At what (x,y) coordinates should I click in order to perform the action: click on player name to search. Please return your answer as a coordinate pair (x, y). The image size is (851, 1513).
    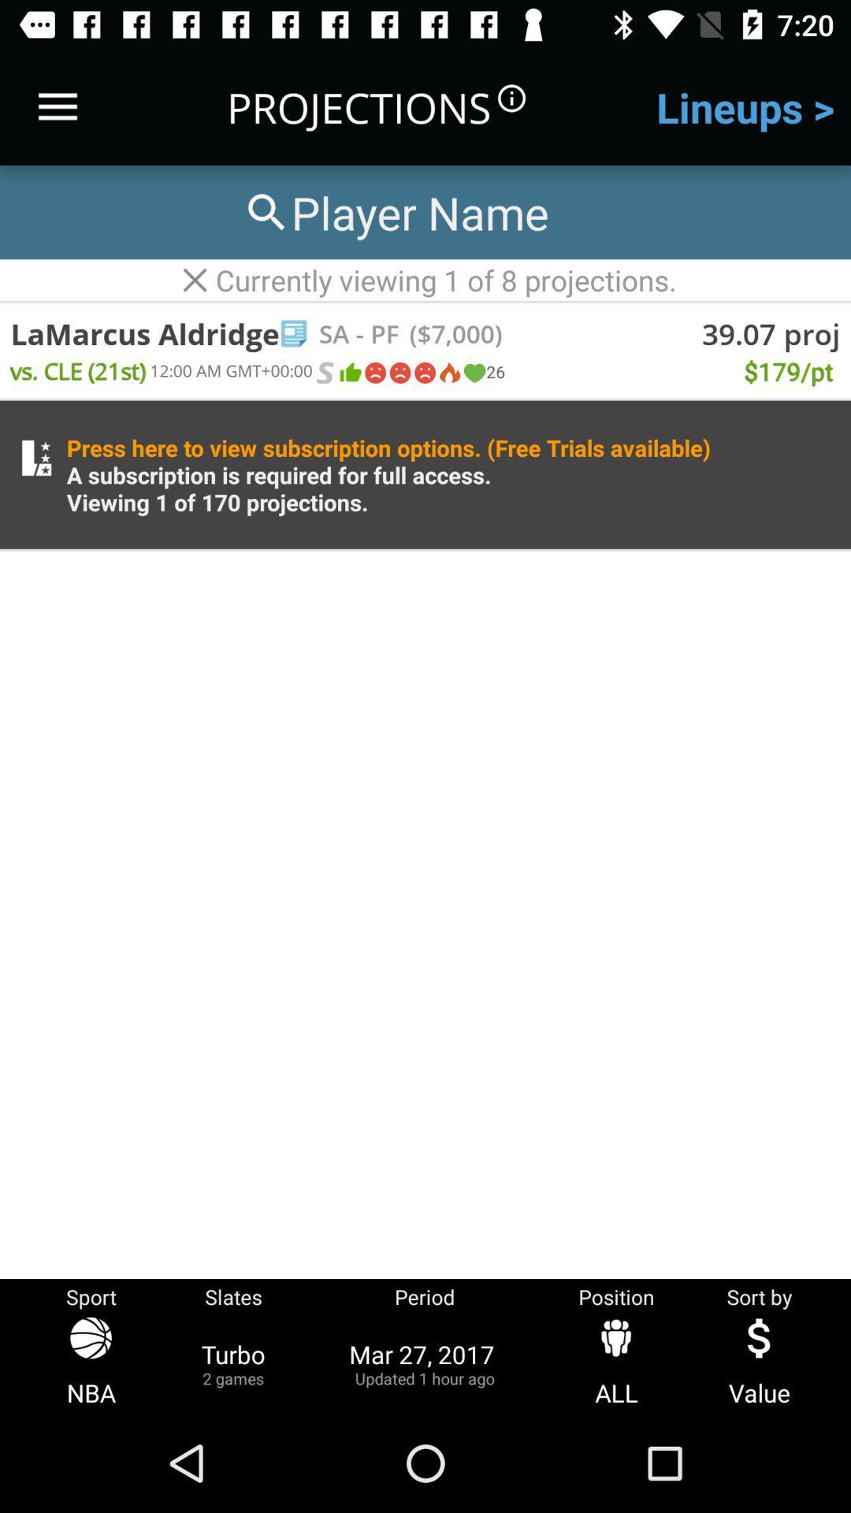
    Looking at the image, I should click on (394, 211).